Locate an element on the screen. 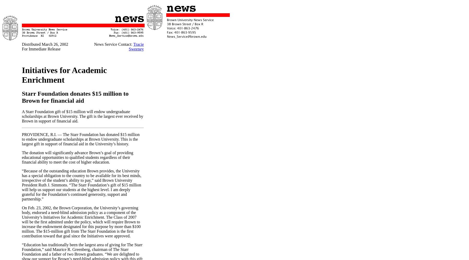  'Starr Foundation donates $15 million to Brown for financial aid' is located at coordinates (75, 97).